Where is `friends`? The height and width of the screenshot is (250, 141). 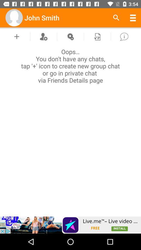 friends is located at coordinates (43, 36).